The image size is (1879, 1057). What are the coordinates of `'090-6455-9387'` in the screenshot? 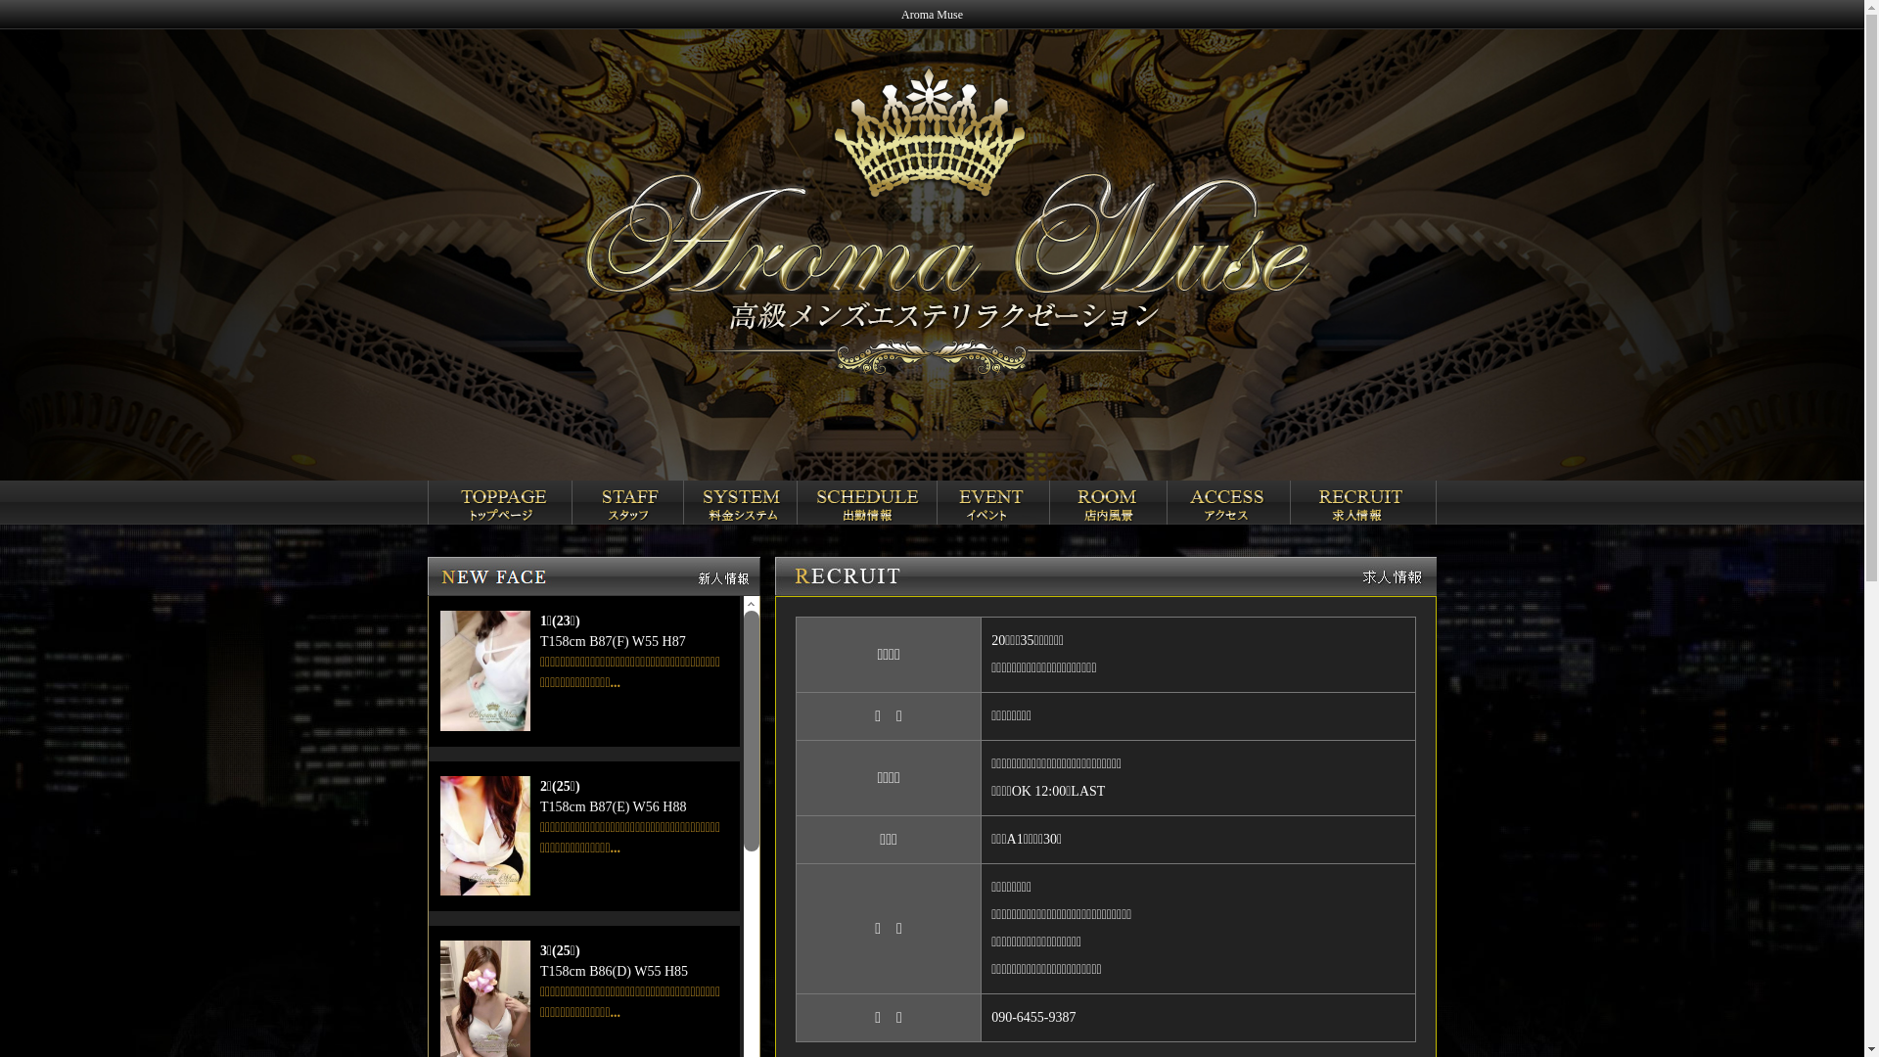 It's located at (990, 1016).